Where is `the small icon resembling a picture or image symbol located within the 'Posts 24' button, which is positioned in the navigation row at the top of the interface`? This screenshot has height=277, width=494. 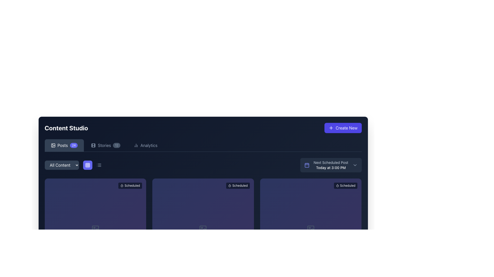
the small icon resembling a picture or image symbol located within the 'Posts 24' button, which is positioned in the navigation row at the top of the interface is located at coordinates (53, 145).